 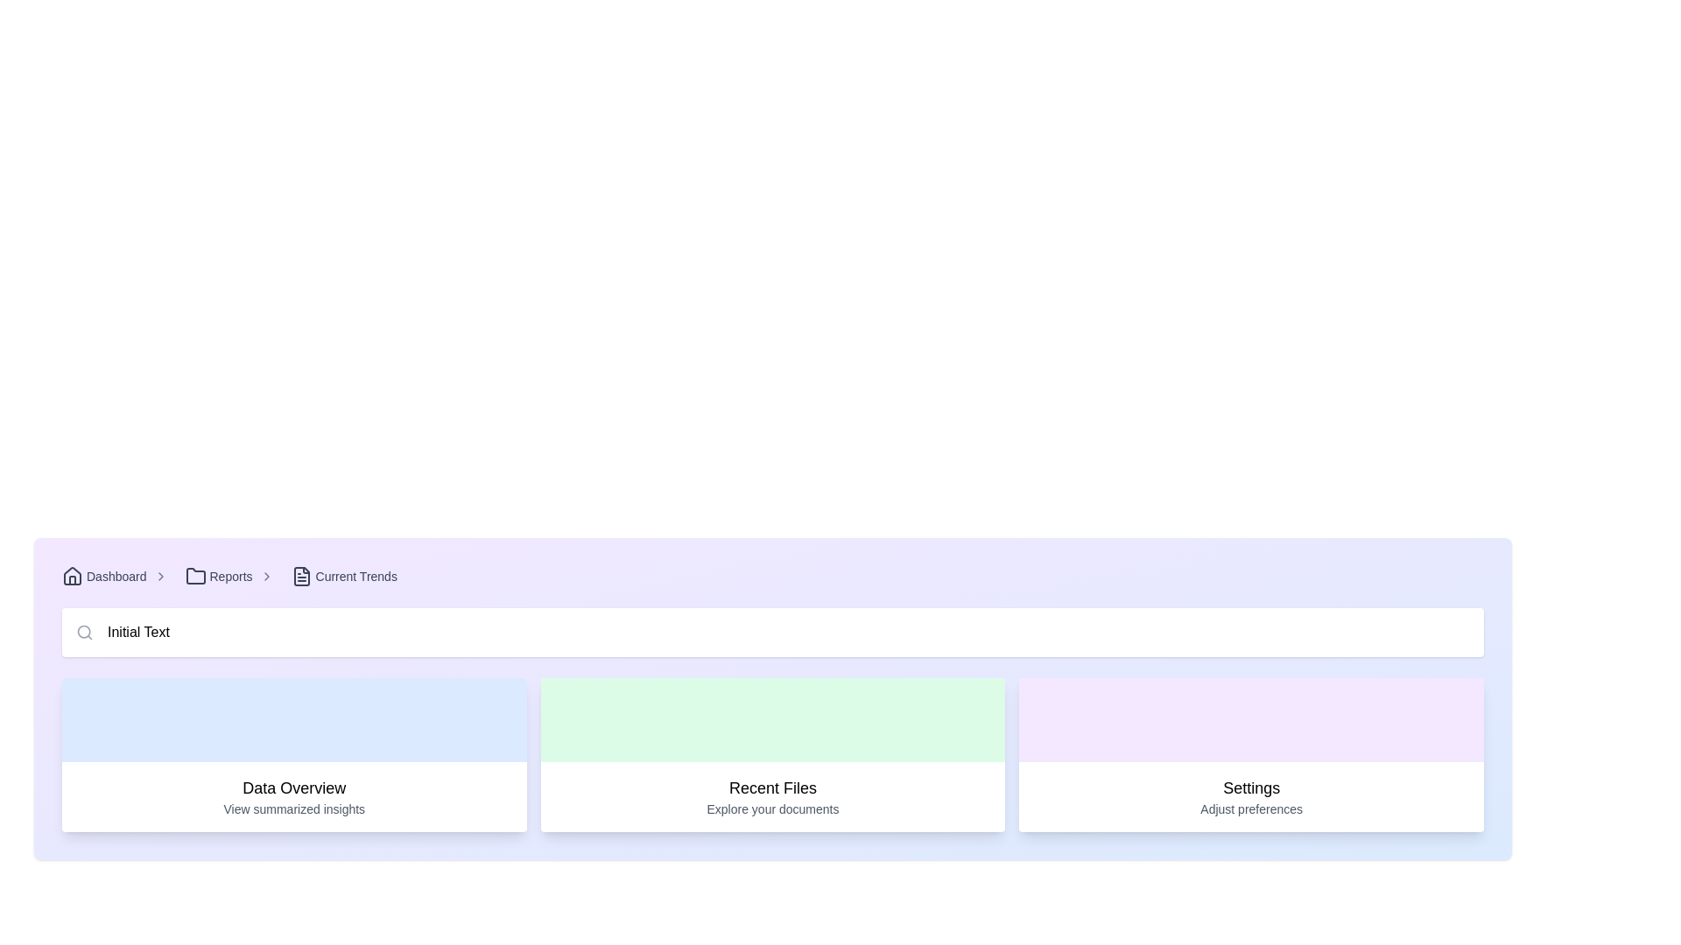 I want to click on the visual state of the directory or folder icon located in the breadcrumb navigation labeled 'Reports', which is positioned to the left of the text 'Reports', so click(x=195, y=577).